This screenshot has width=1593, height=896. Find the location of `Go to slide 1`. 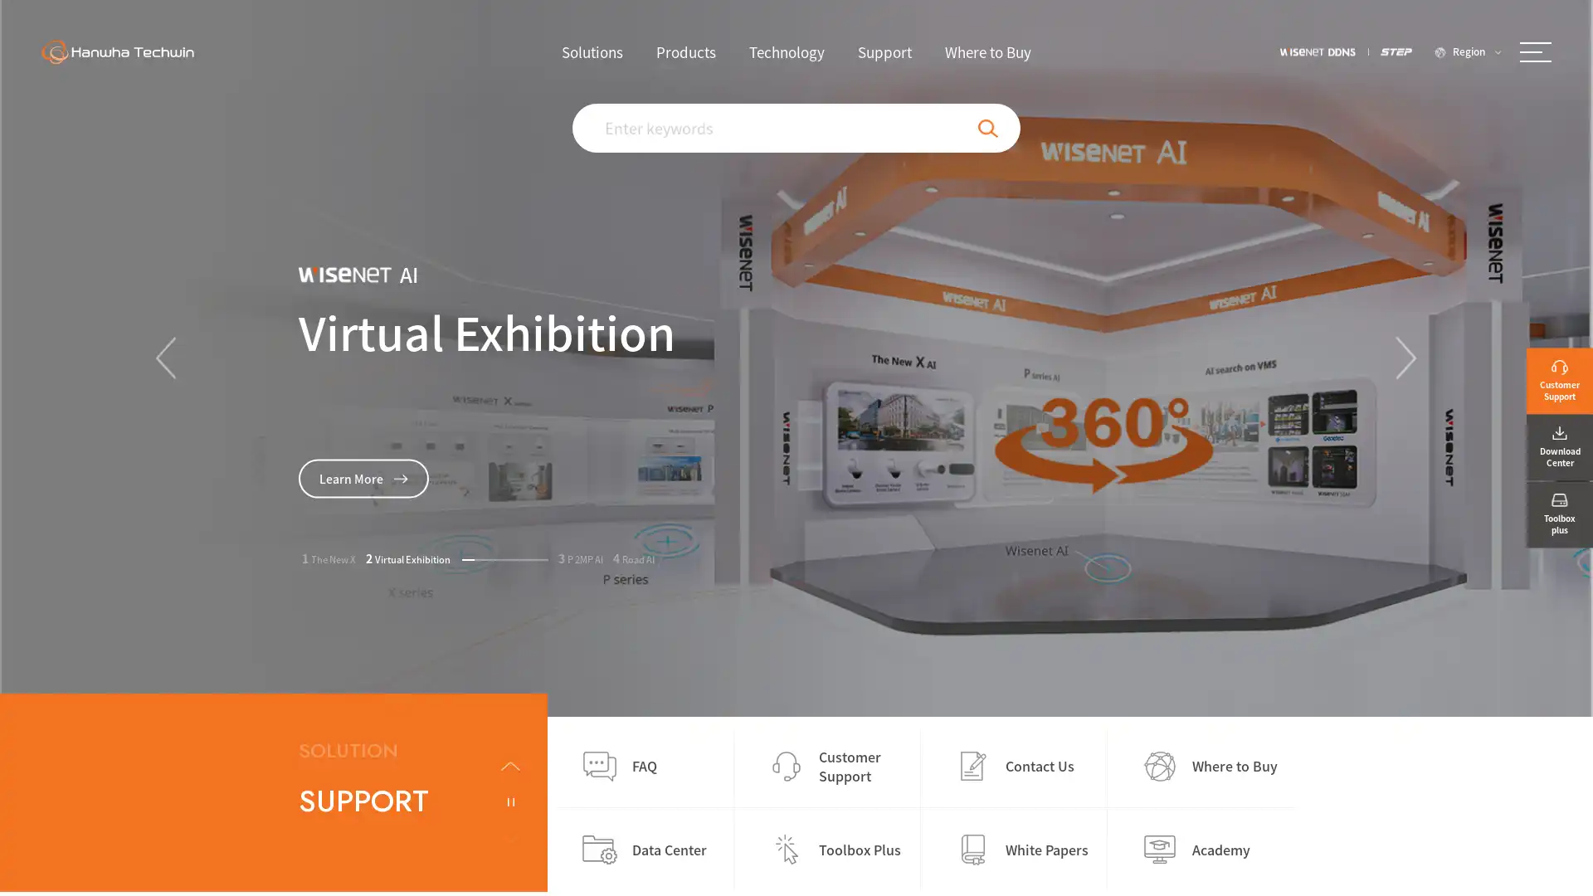

Go to slide 1 is located at coordinates (329, 559).